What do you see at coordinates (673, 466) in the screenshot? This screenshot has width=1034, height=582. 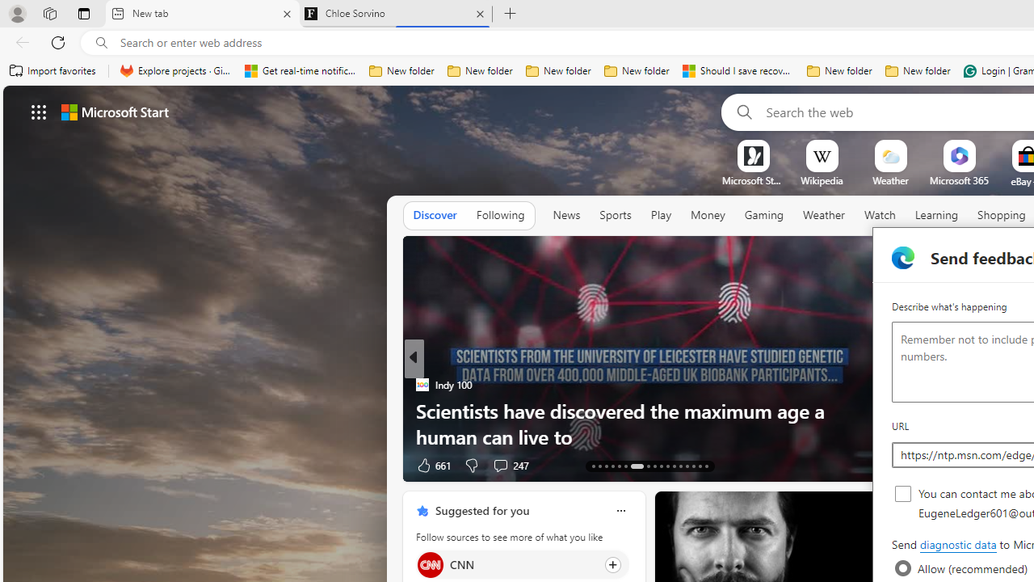 I see `'AutomationID: tab-24'` at bounding box center [673, 466].